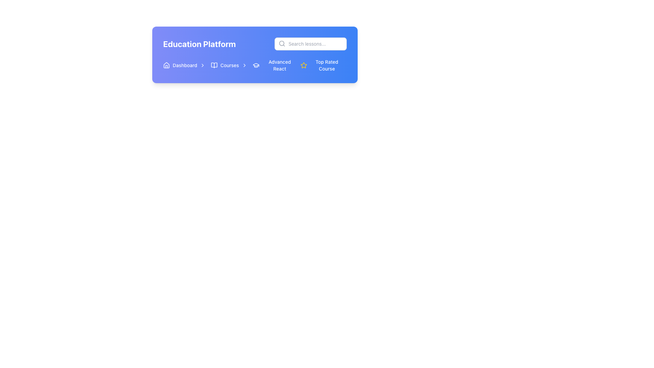  What do you see at coordinates (275, 65) in the screenshot?
I see `the text label with an icon in the navigation bar that serves as a link to the 'Advanced React' course` at bounding box center [275, 65].